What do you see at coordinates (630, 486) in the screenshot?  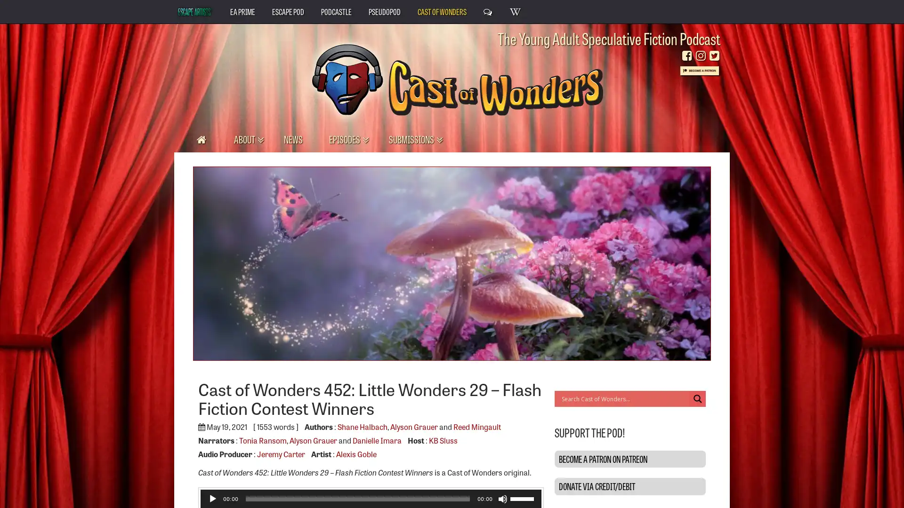 I see `Donate via Credit/Debit` at bounding box center [630, 486].